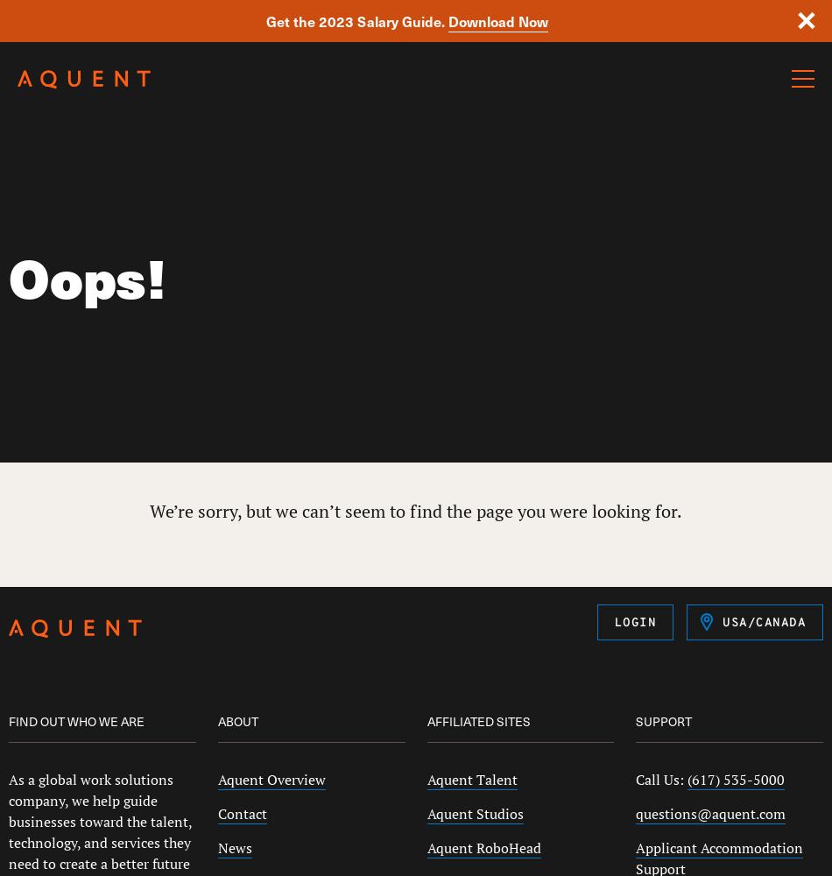  I want to click on 'Aquent RoboHead', so click(483, 847).